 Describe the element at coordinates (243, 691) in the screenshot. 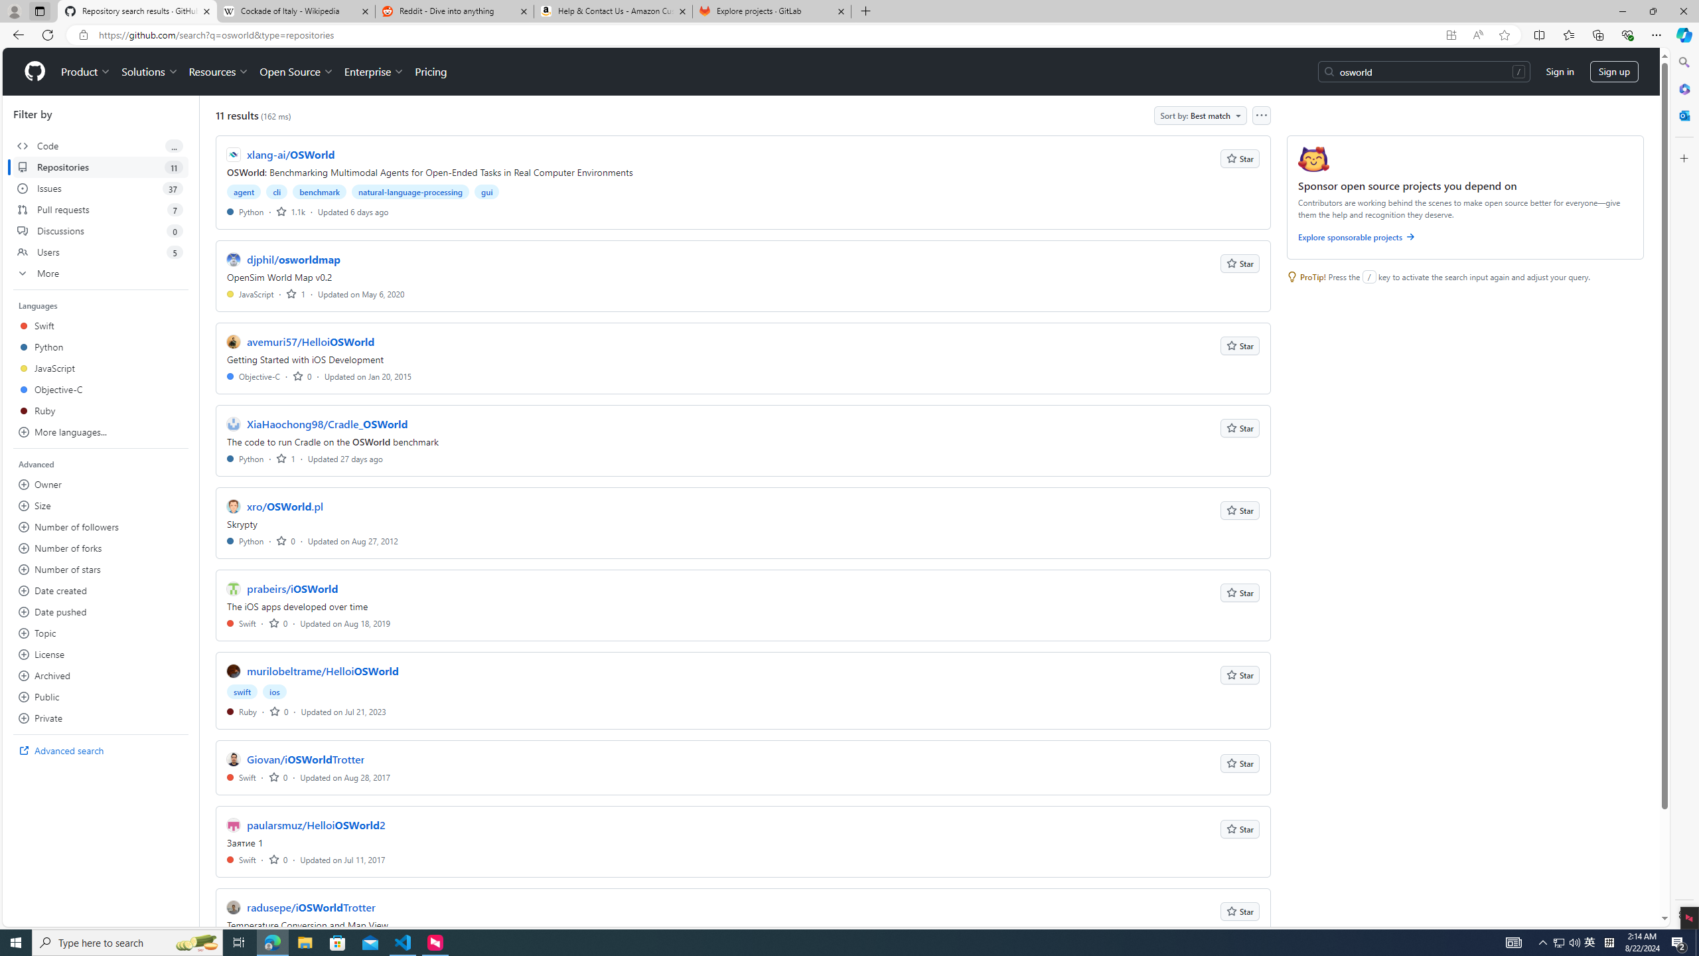

I see `'swift'` at that location.